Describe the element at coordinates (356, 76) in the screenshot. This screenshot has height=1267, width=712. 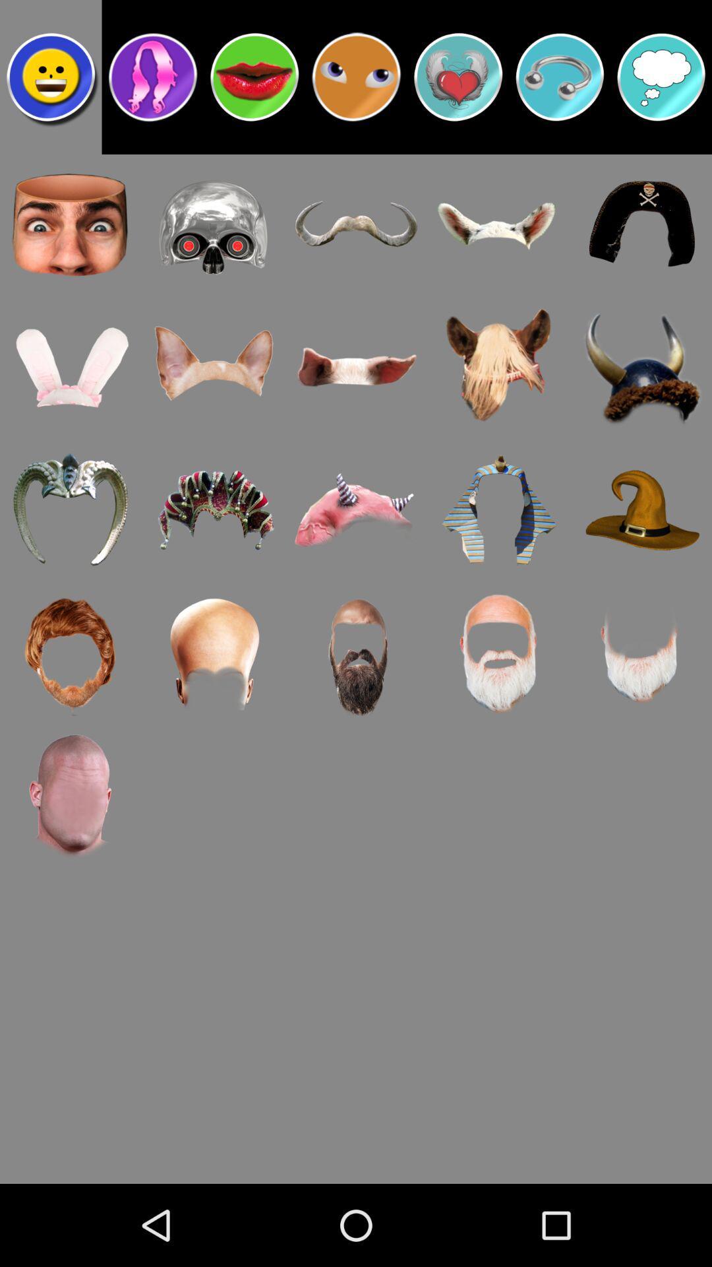
I see `put emoticon with two eyes` at that location.